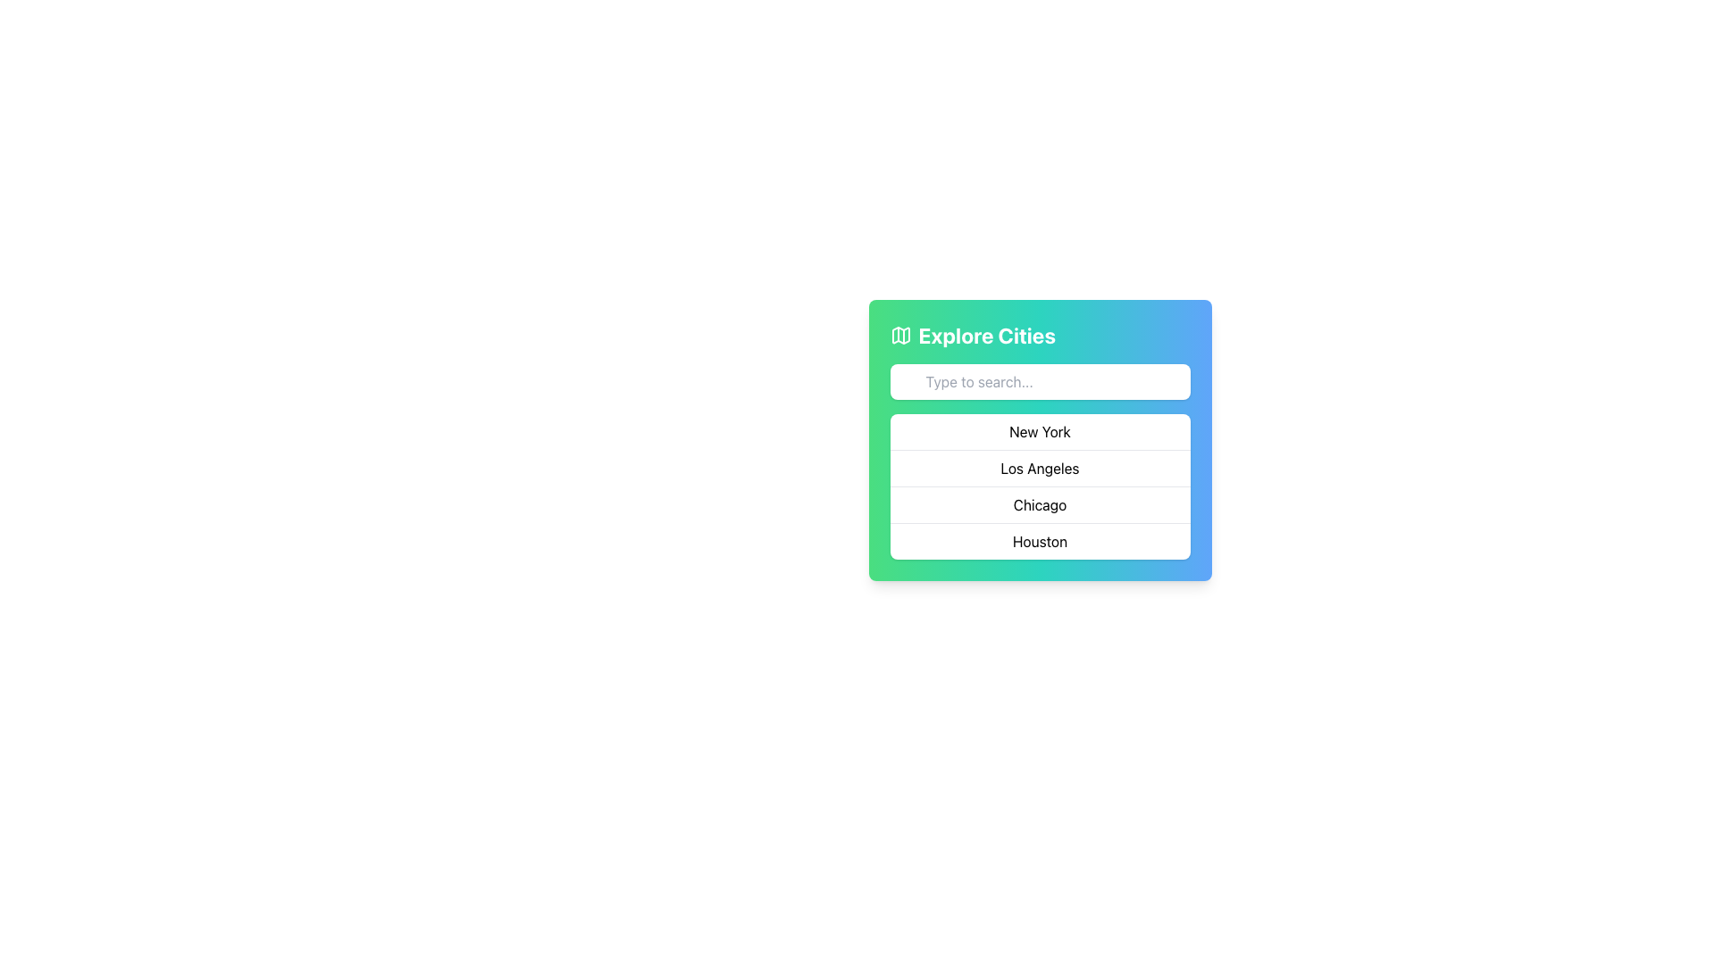  I want to click on to select the first item in the vertical list of city names, located directly under the 'Type to search...' input field, so click(1040, 431).